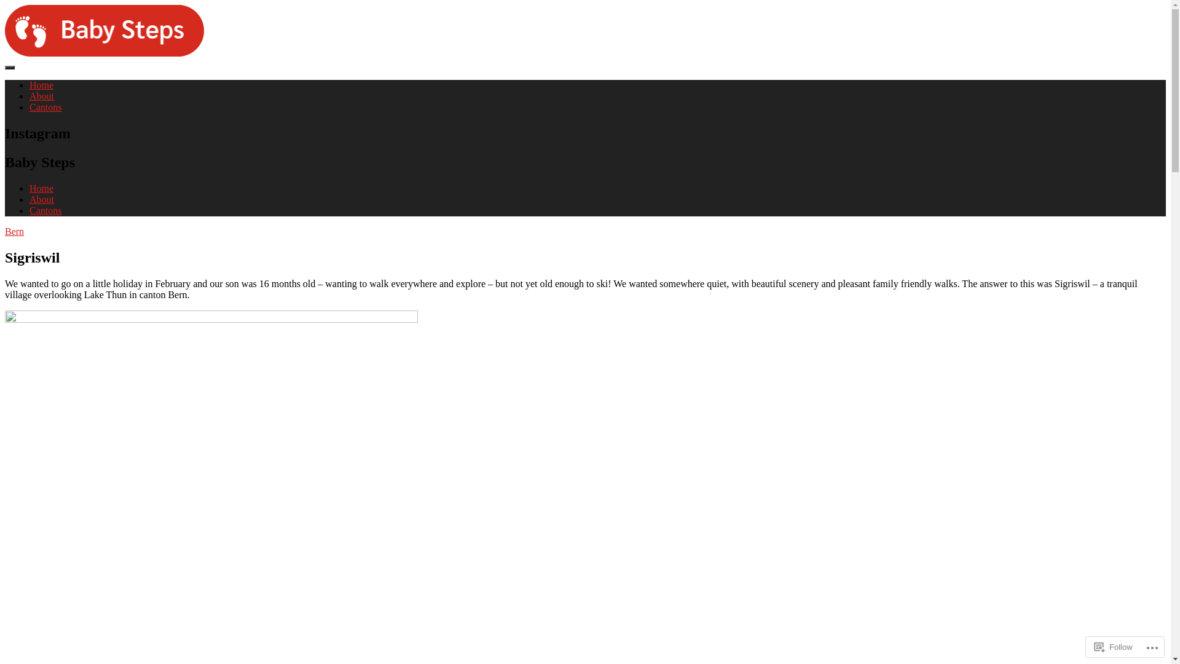 The width and height of the screenshot is (1180, 664). I want to click on 'Baby Steps', so click(26, 74).